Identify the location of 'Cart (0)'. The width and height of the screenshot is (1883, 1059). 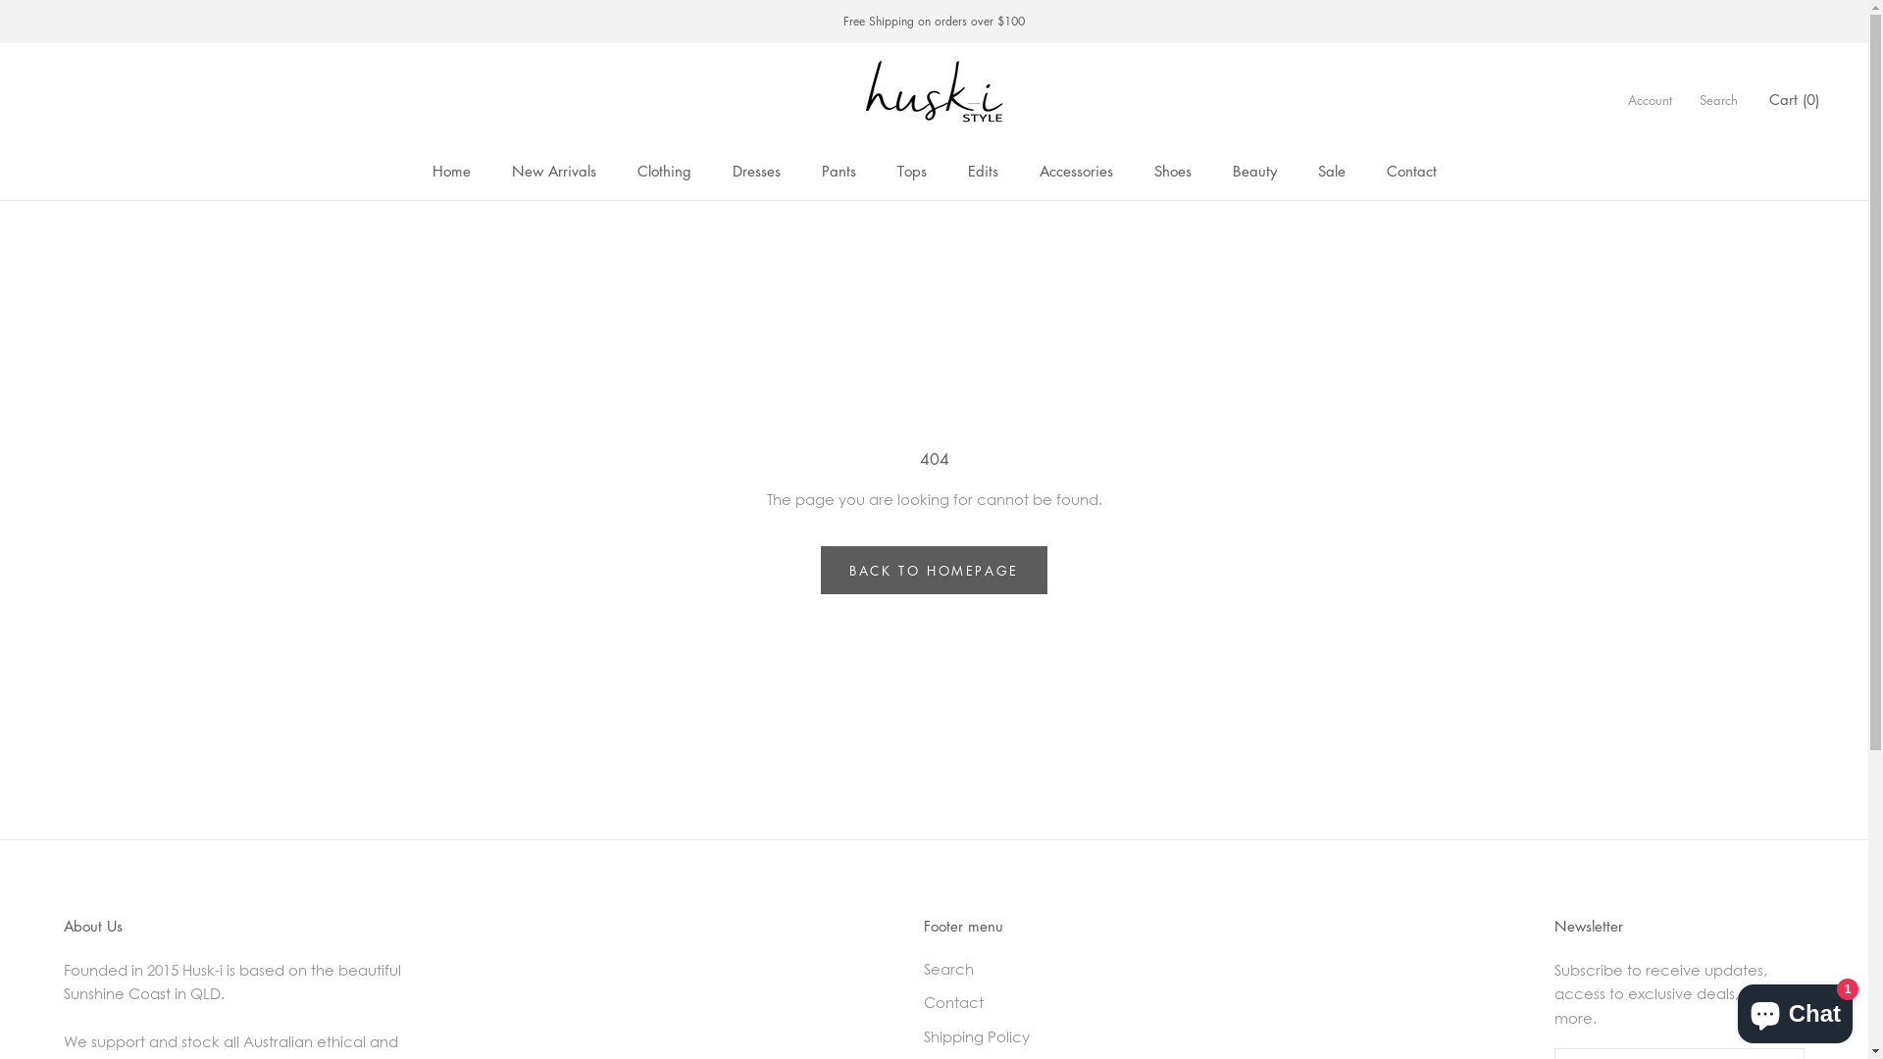
(1794, 98).